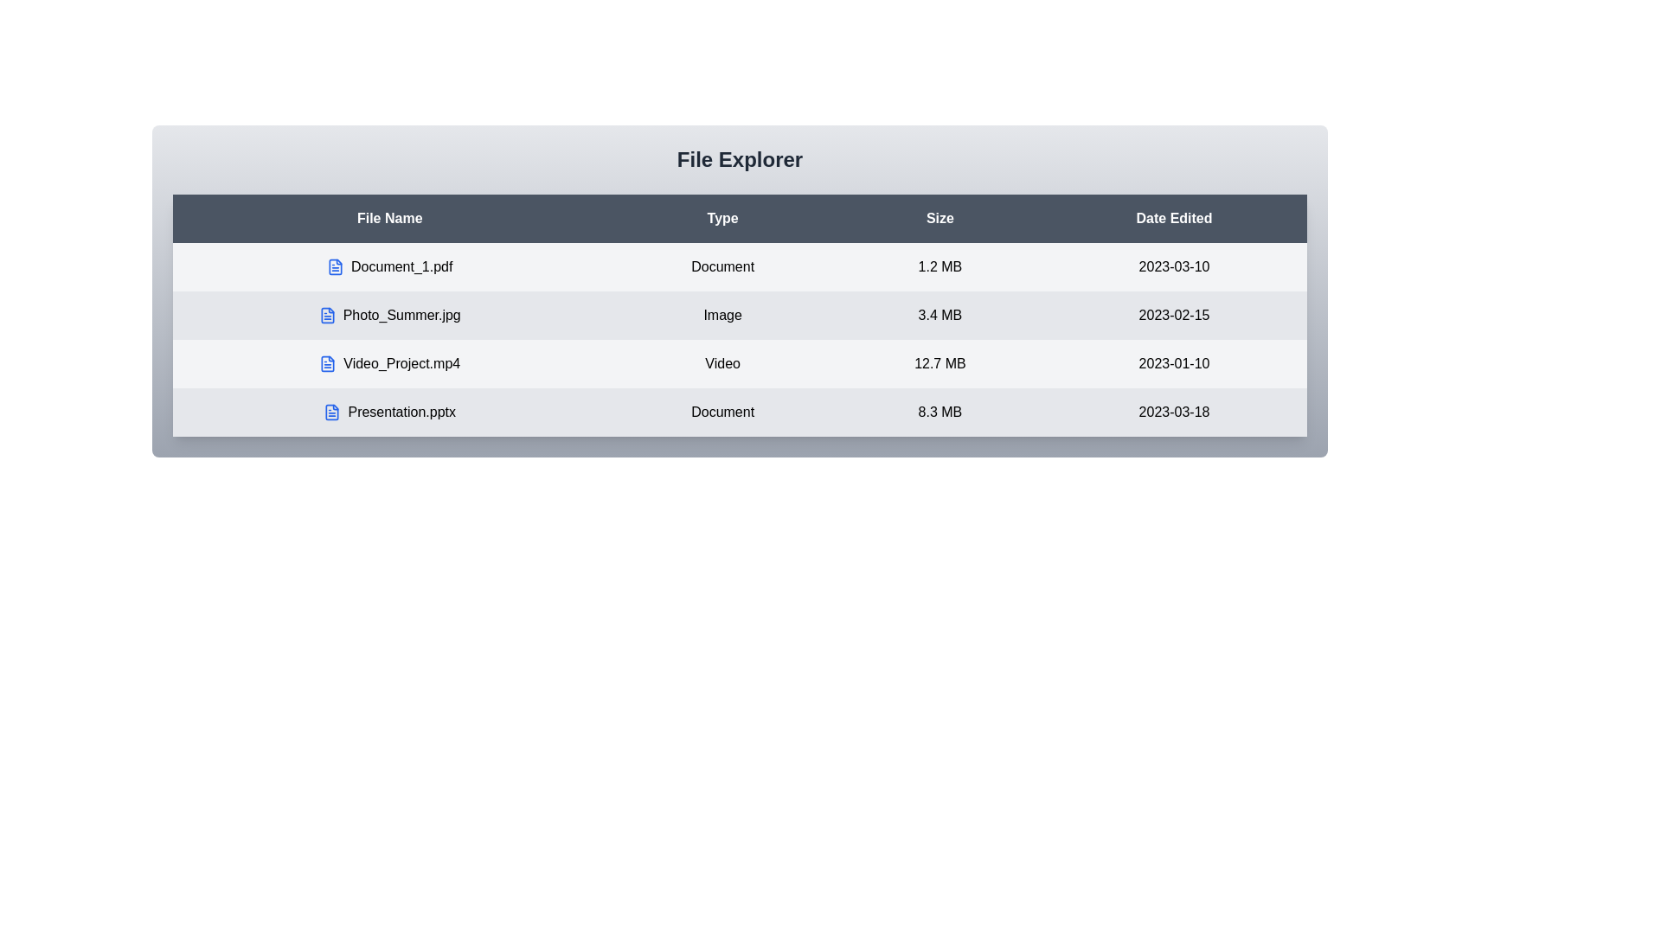  Describe the element at coordinates (388, 316) in the screenshot. I see `the file row corresponding to Photo_Summer.jpg to inspect its details` at that location.